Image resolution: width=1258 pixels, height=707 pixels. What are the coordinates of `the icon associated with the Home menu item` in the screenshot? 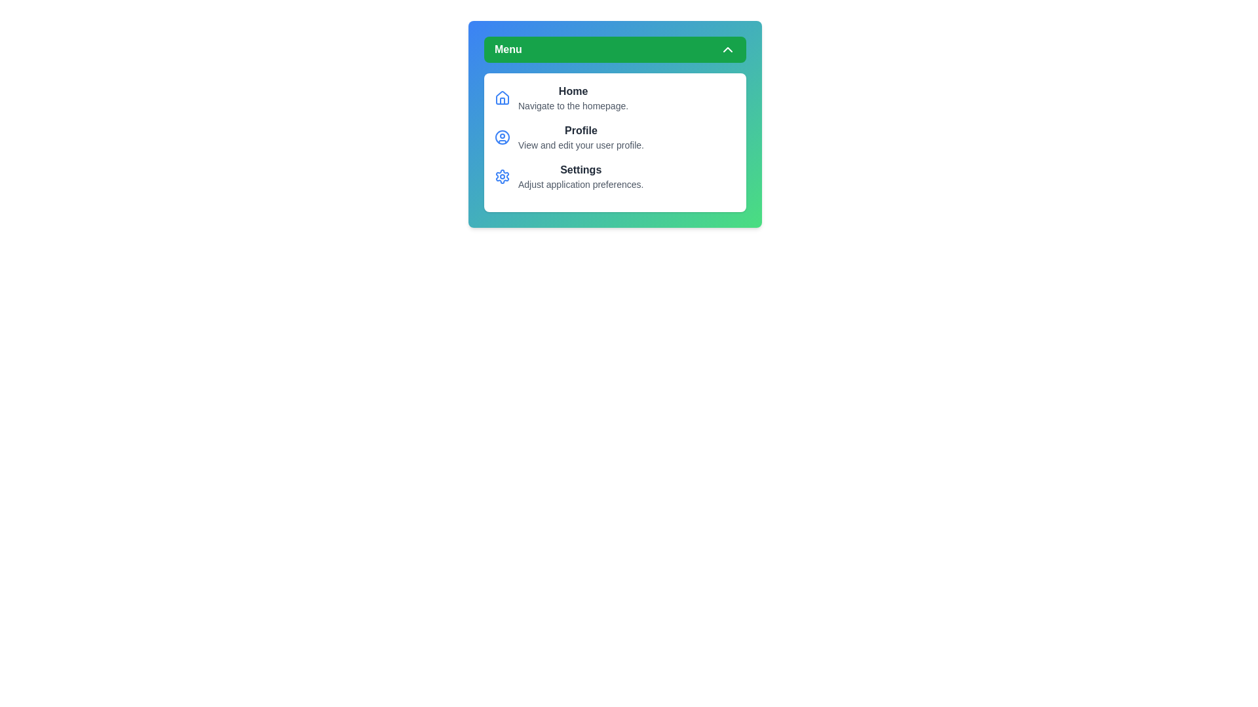 It's located at (502, 98).